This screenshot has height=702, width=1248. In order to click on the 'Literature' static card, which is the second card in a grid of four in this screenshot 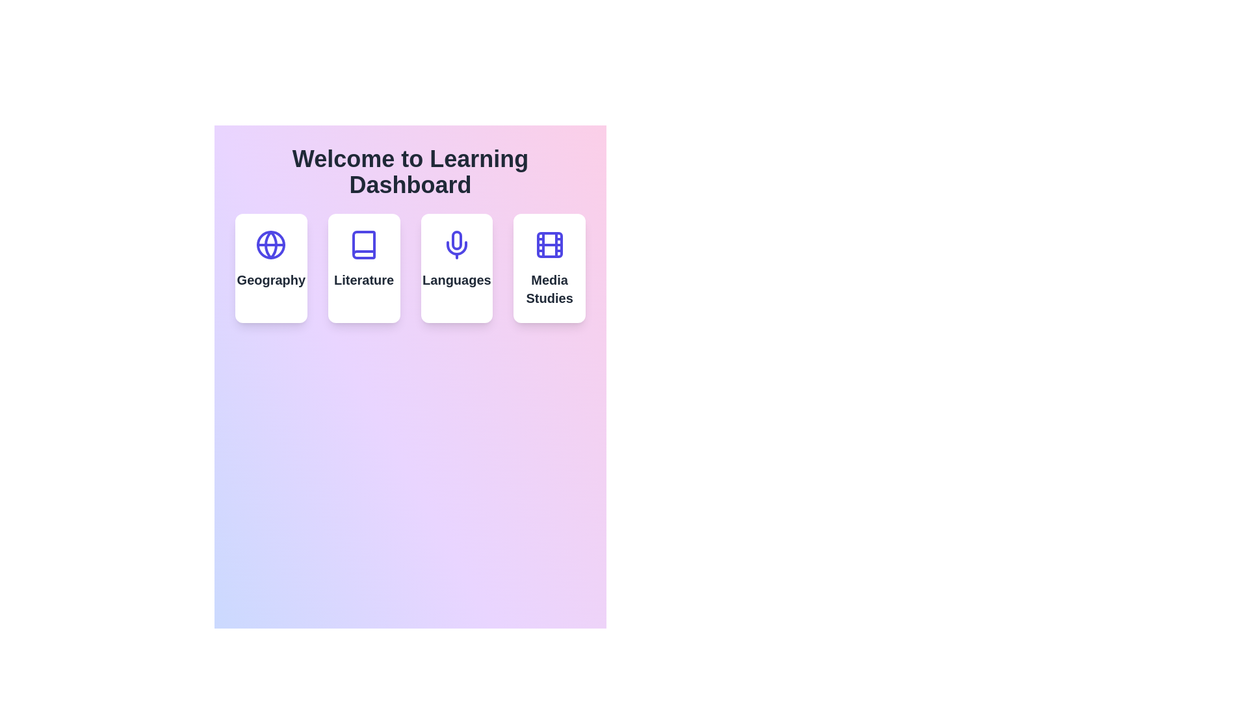, I will do `click(364, 267)`.